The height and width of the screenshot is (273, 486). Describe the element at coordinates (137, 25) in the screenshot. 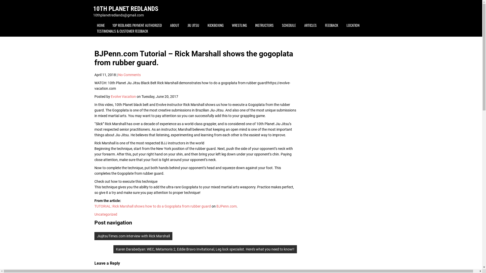

I see `'10P REDLANDS PAYMENT AUTHORIZED'` at that location.